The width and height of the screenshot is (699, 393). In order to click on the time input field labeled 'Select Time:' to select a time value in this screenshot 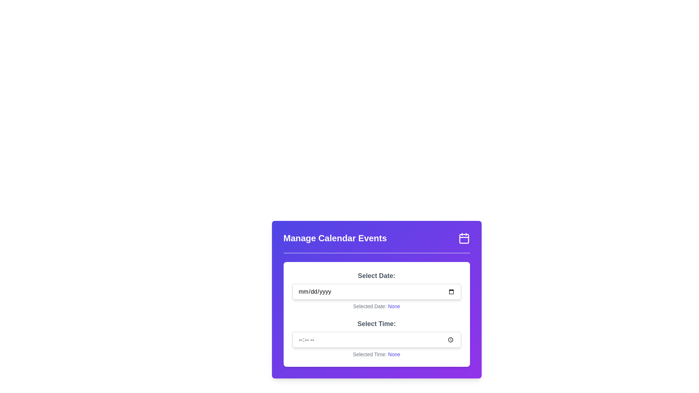, I will do `click(376, 338)`.